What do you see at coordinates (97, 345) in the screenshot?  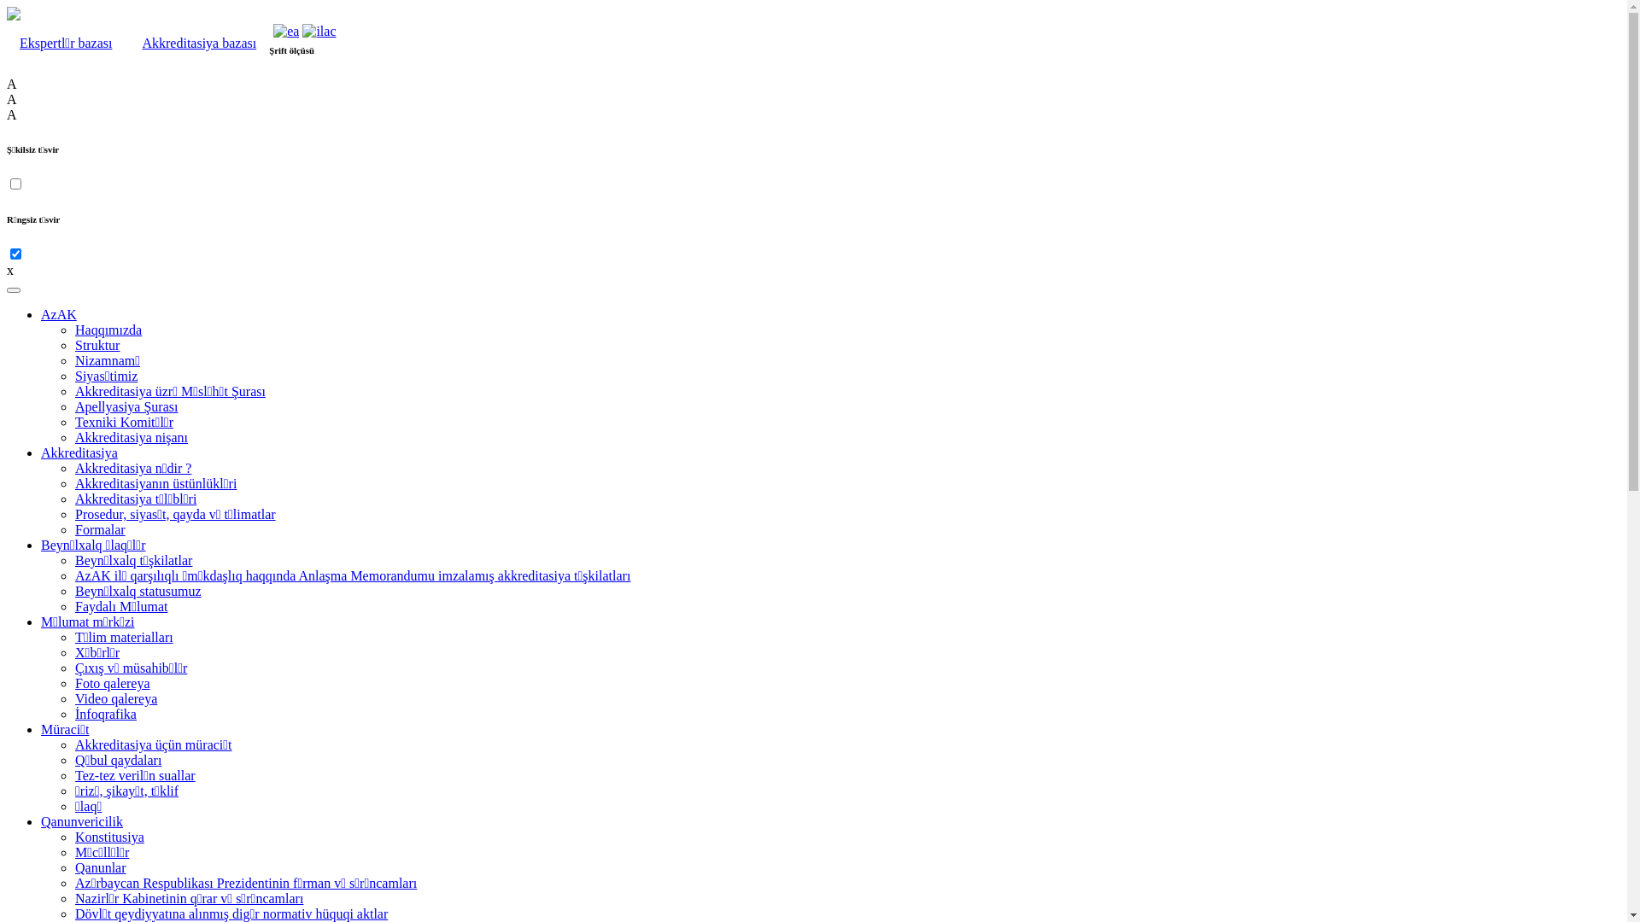 I see `'Struktur'` at bounding box center [97, 345].